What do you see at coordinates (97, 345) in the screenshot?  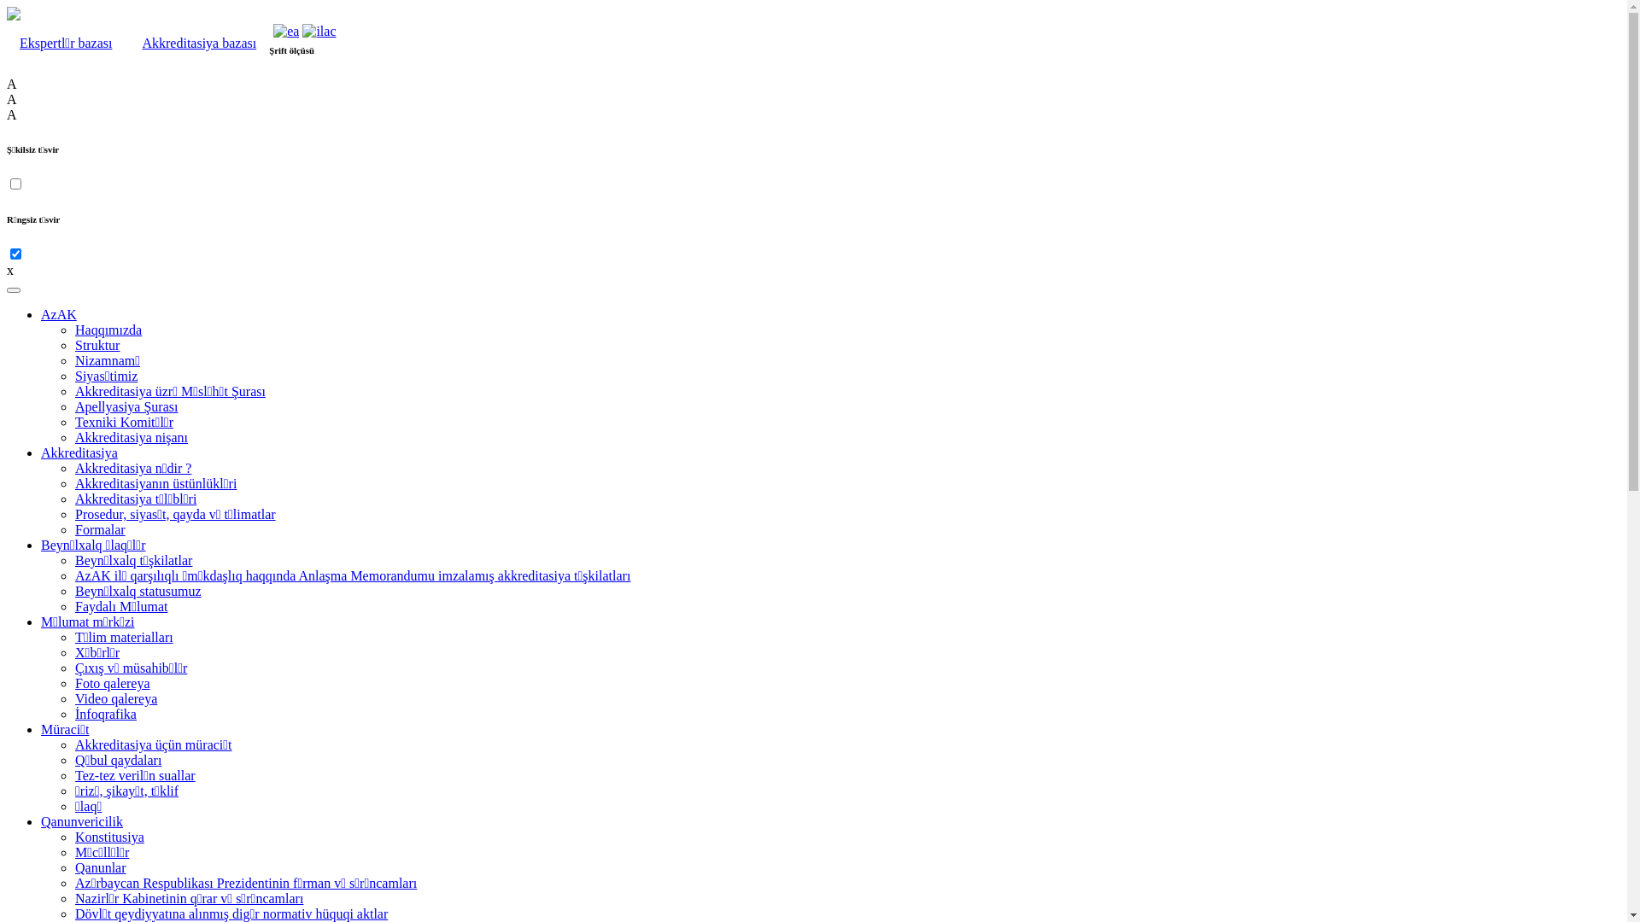 I see `'Struktur'` at bounding box center [97, 345].